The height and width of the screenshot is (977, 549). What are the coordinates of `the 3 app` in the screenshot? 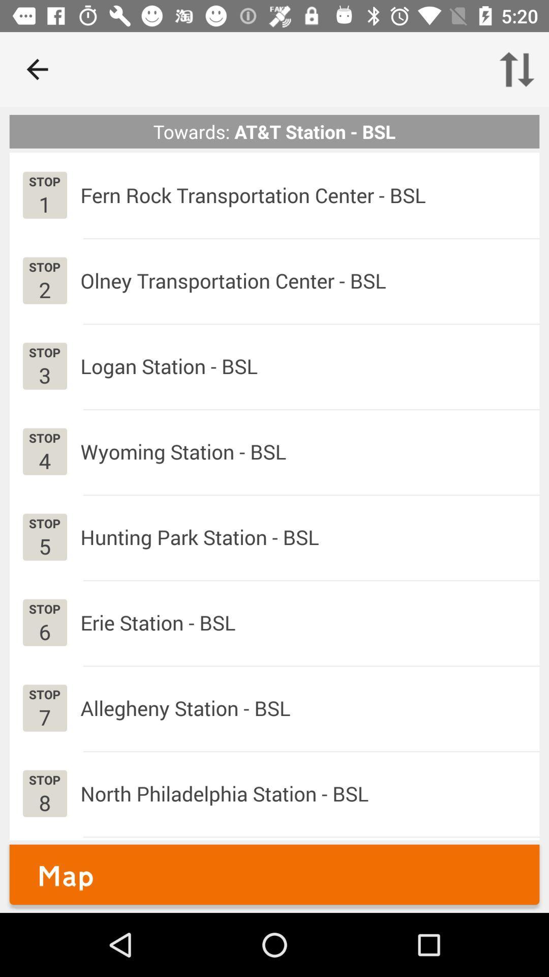 It's located at (44, 375).